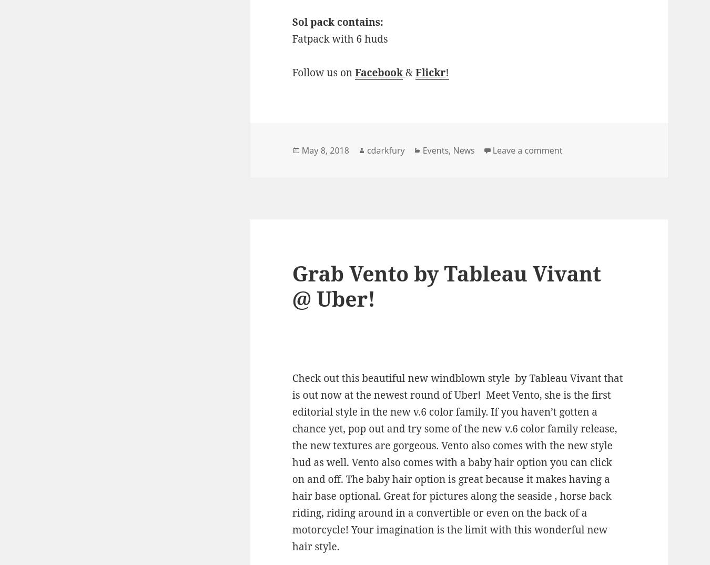 Image resolution: width=710 pixels, height=565 pixels. I want to click on '&', so click(410, 72).